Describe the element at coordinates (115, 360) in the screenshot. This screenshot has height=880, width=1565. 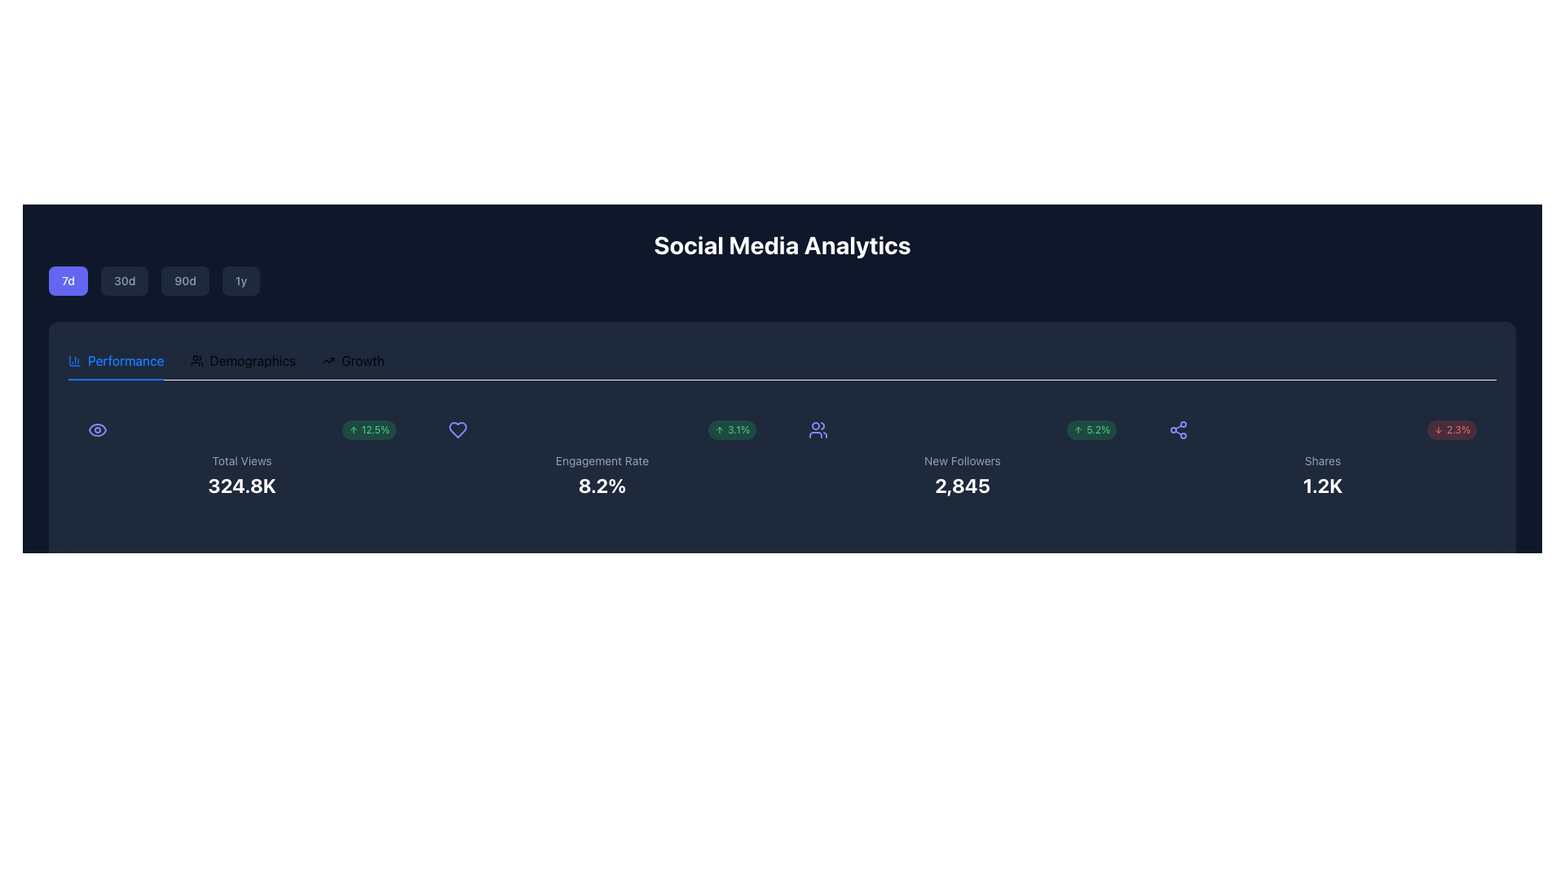
I see `the highlighted 'Performance' tab element to switch to the Performance section` at that location.